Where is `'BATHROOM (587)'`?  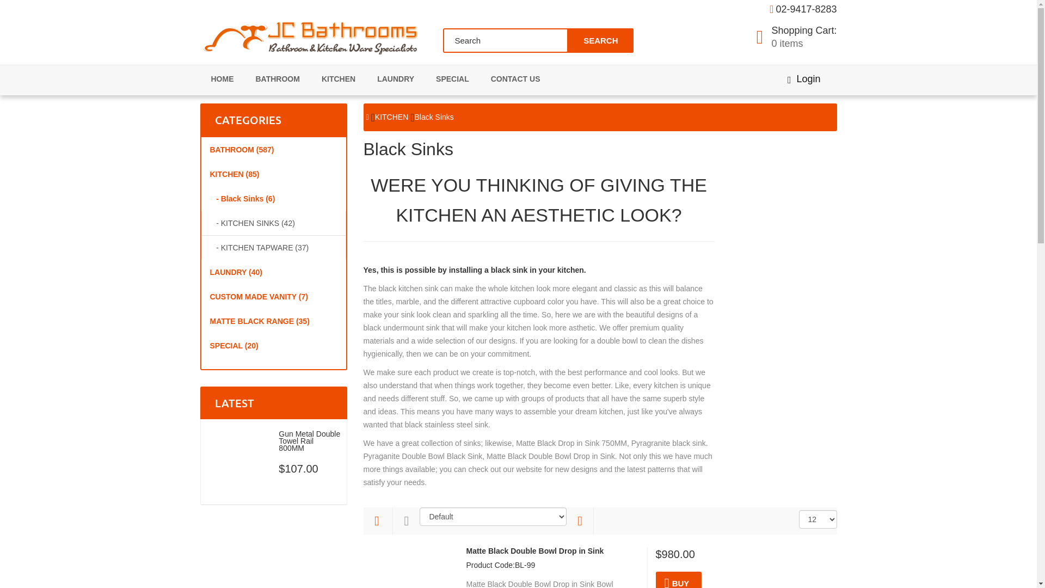
'BATHROOM (587)' is located at coordinates (274, 149).